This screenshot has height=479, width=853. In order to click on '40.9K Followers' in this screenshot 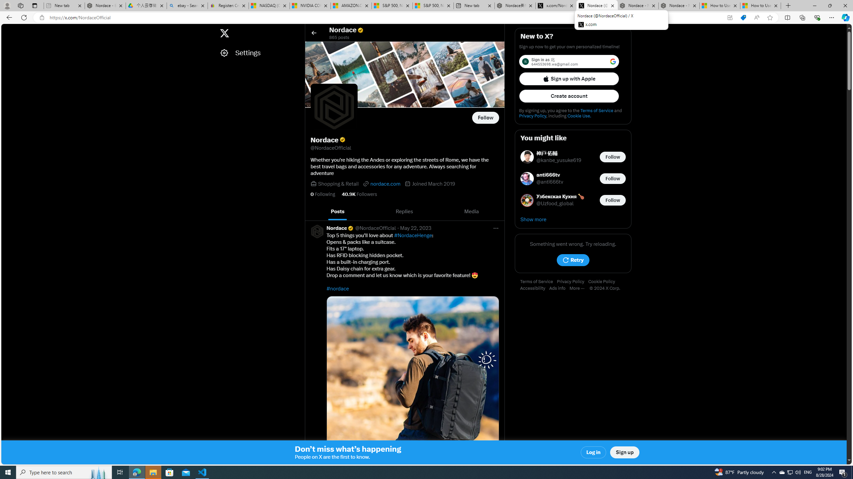, I will do `click(359, 194)`.